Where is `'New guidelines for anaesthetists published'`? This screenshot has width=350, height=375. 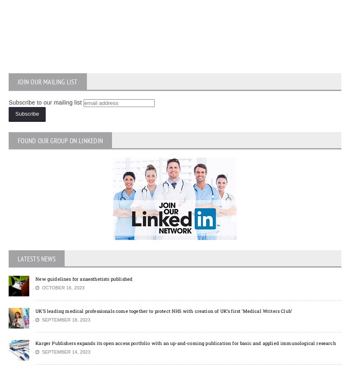 'New guidelines for anaesthetists published' is located at coordinates (35, 278).